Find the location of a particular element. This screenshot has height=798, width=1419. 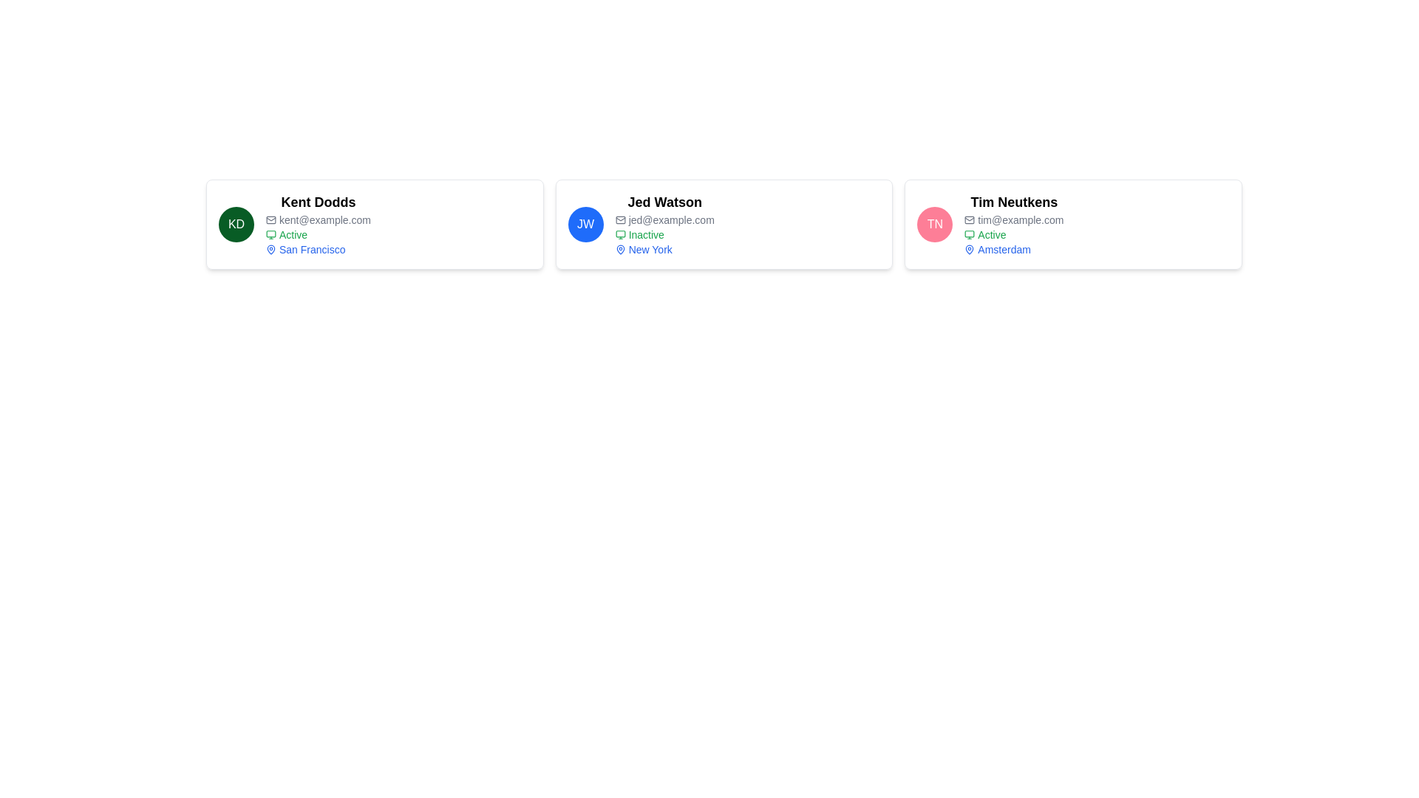

the green monitor icon in the 'Active' status indicator located before the text 'Active' in the profile card of Kent Dodds is located at coordinates (270, 233).